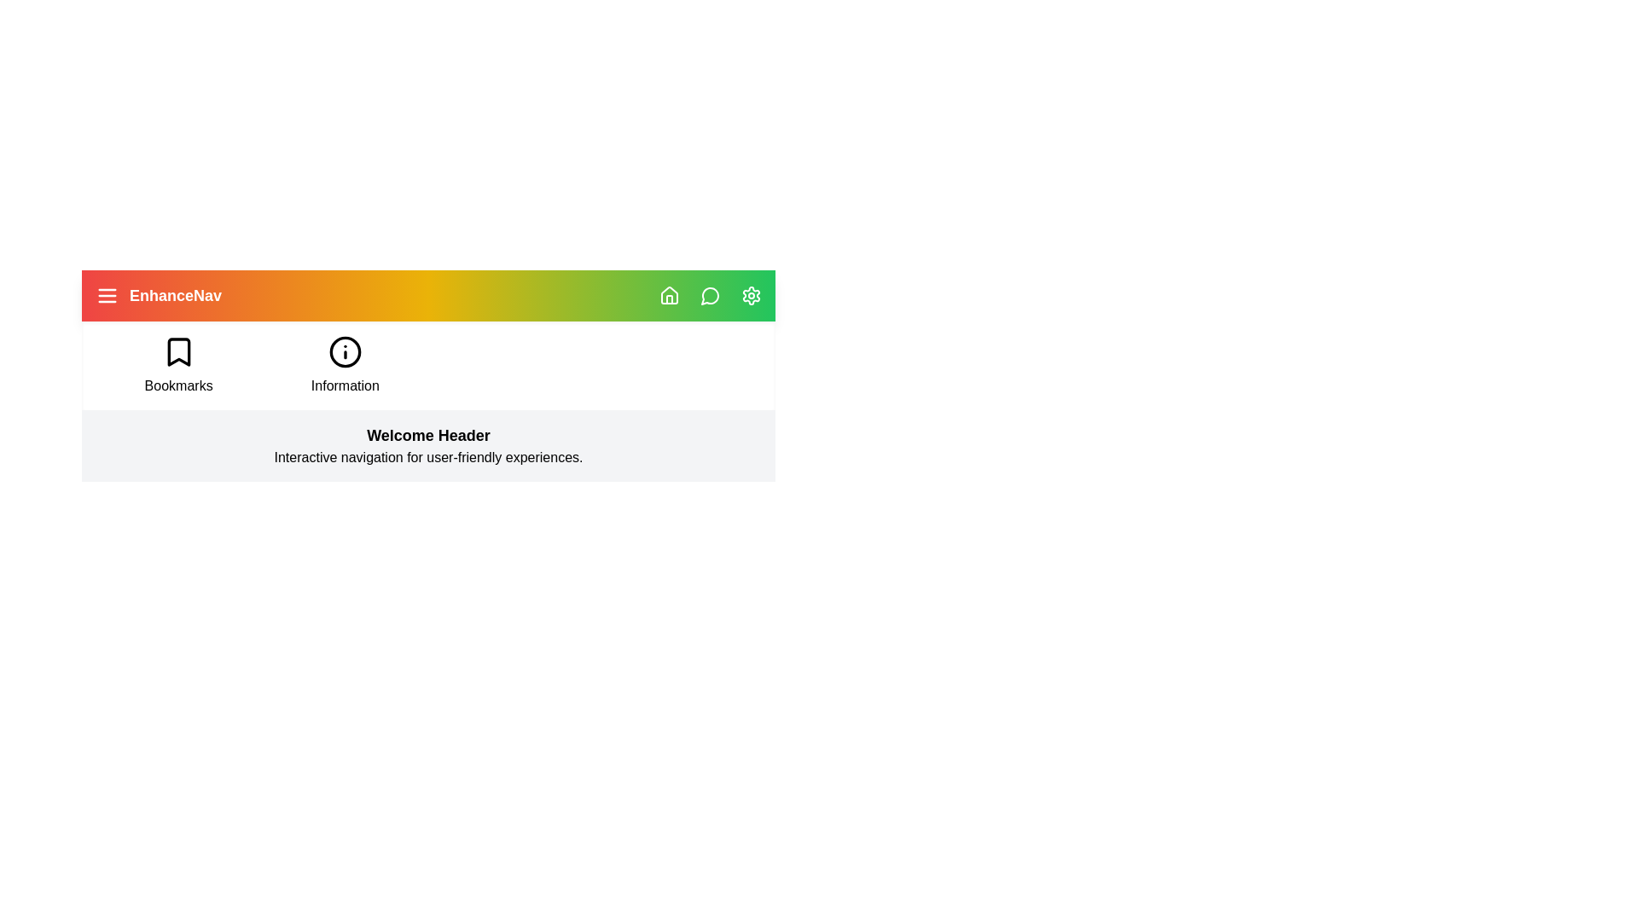 The width and height of the screenshot is (1638, 921). I want to click on the navigation icon home, so click(669, 295).